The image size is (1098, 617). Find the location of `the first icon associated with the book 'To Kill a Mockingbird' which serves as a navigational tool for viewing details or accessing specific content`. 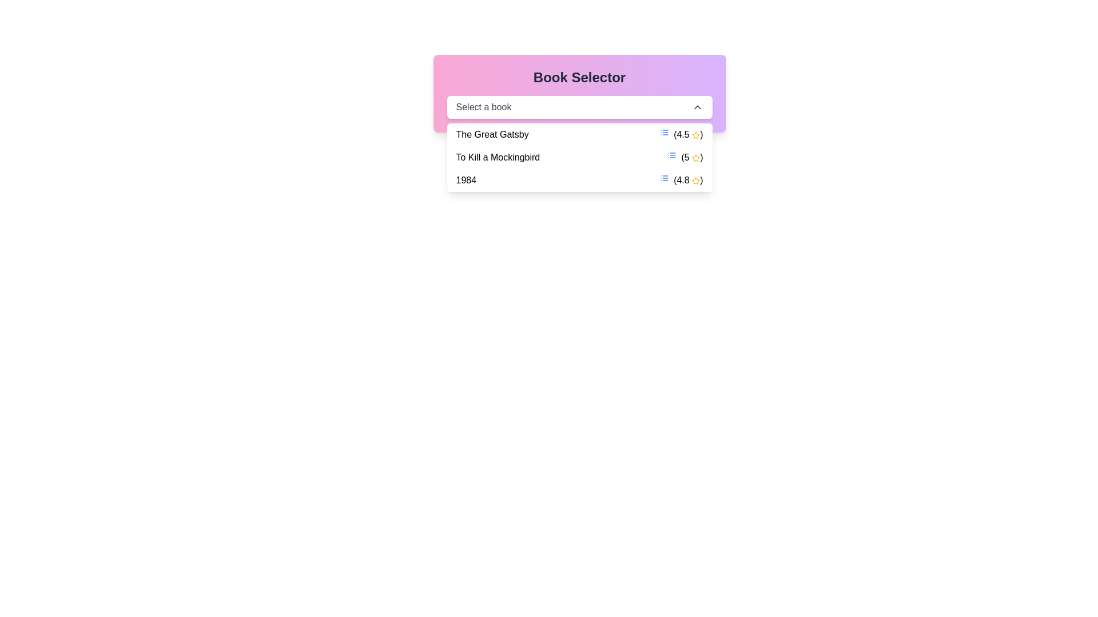

the first icon associated with the book 'To Kill a Mockingbird' which serves as a navigational tool for viewing details or accessing specific content is located at coordinates (672, 155).